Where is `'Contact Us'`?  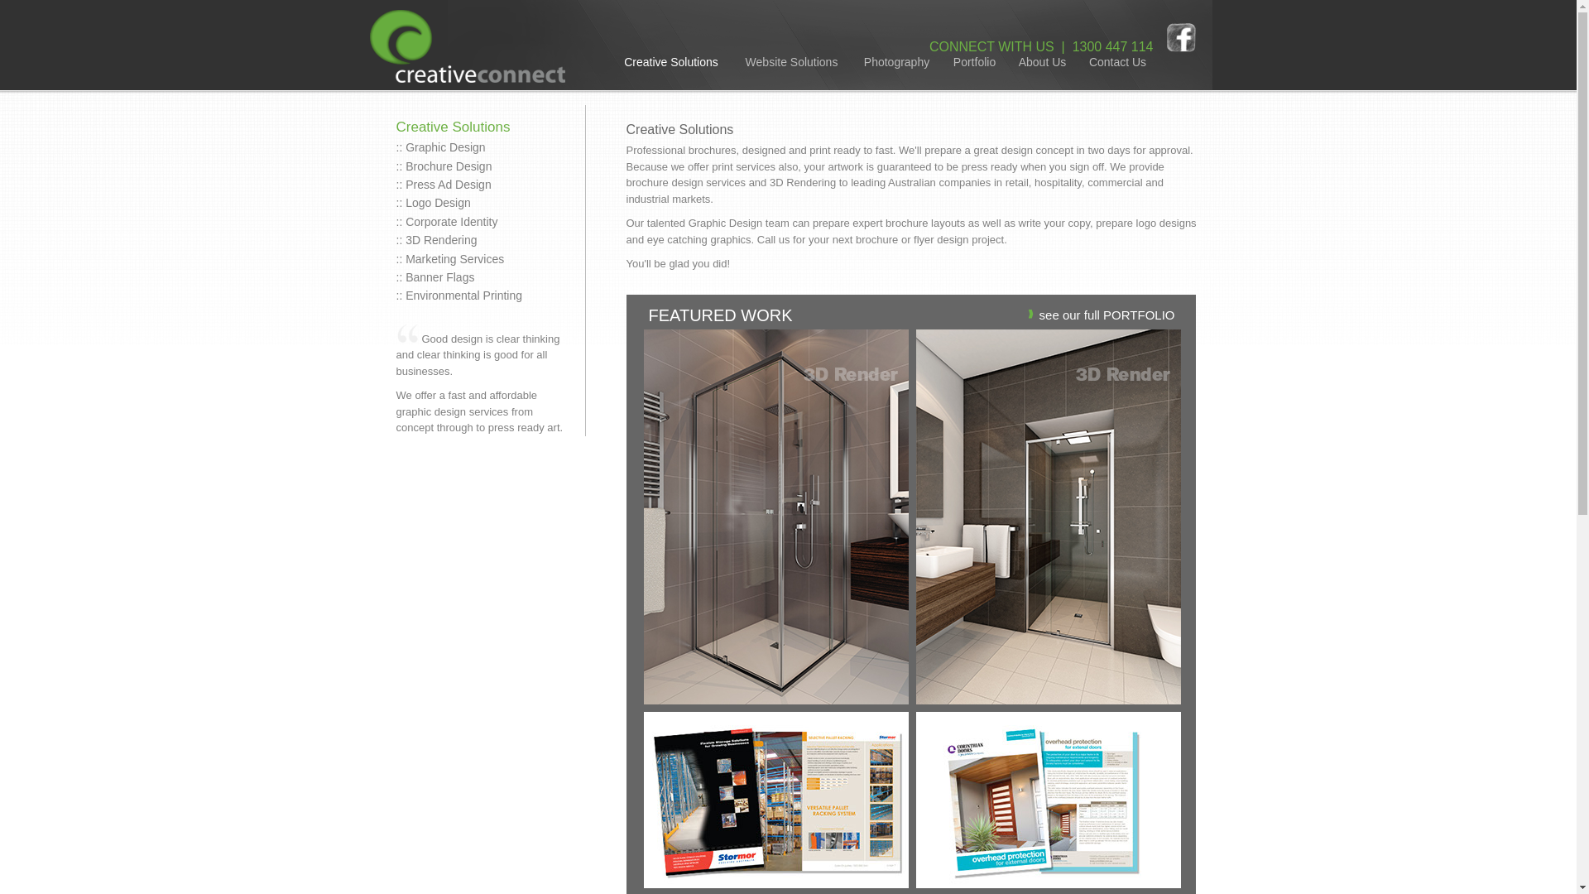 'Contact Us' is located at coordinates (1118, 62).